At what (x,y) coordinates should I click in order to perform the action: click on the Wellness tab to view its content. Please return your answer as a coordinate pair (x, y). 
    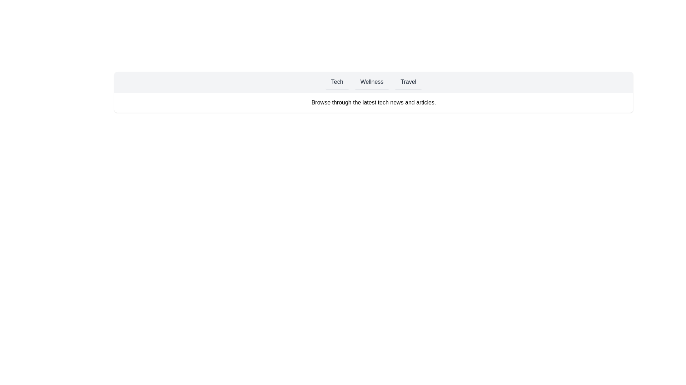
    Looking at the image, I should click on (372, 82).